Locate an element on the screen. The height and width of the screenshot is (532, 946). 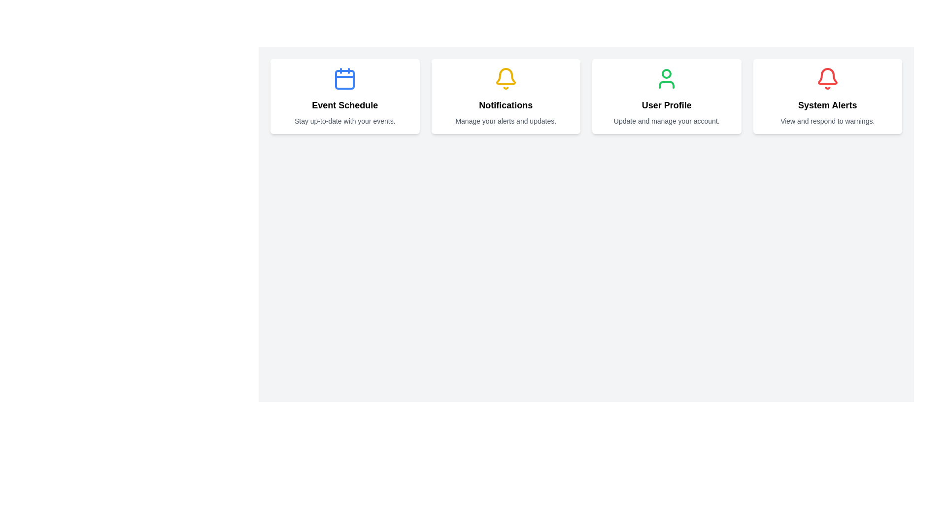
the rounded rectangle with a blue outline resembling a calendar icon located in the first row, first column of the 'Event Schedule' card is located at coordinates (345, 79).